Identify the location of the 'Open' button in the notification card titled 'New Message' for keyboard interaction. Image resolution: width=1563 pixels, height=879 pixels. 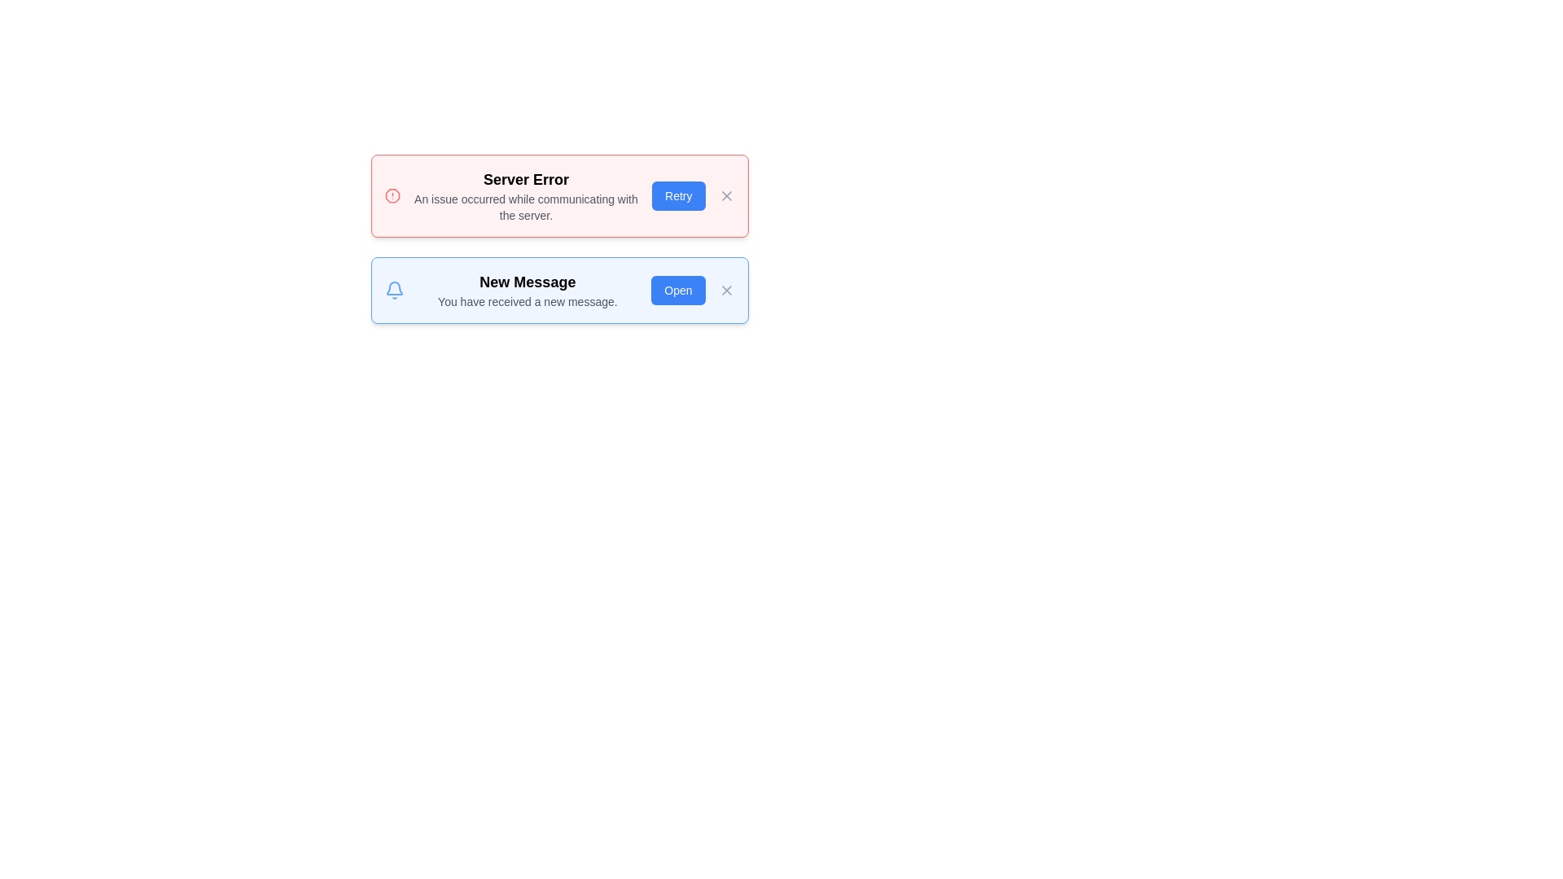
(678, 290).